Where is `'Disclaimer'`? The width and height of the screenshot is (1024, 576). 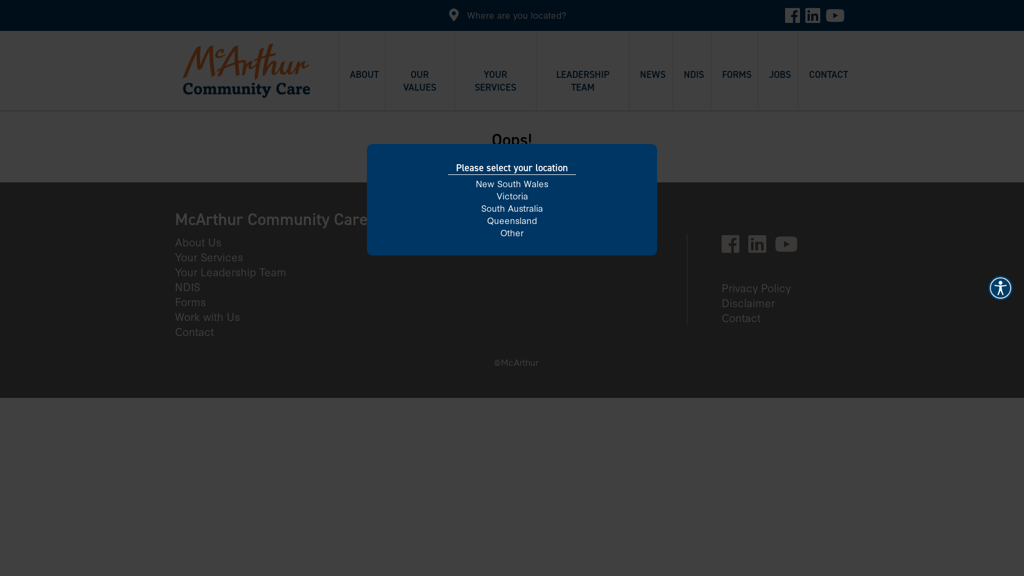
'Disclaimer' is located at coordinates (752, 302).